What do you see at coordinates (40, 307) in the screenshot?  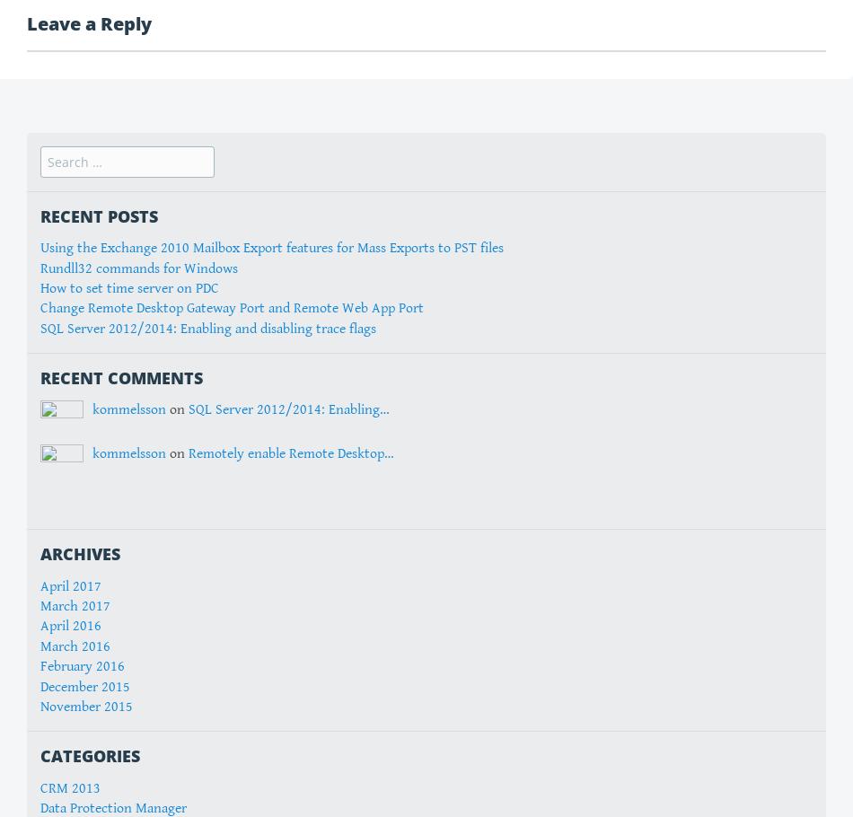 I see `'Change Remote Desktop Gateway Port and Remote Web App Port'` at bounding box center [40, 307].